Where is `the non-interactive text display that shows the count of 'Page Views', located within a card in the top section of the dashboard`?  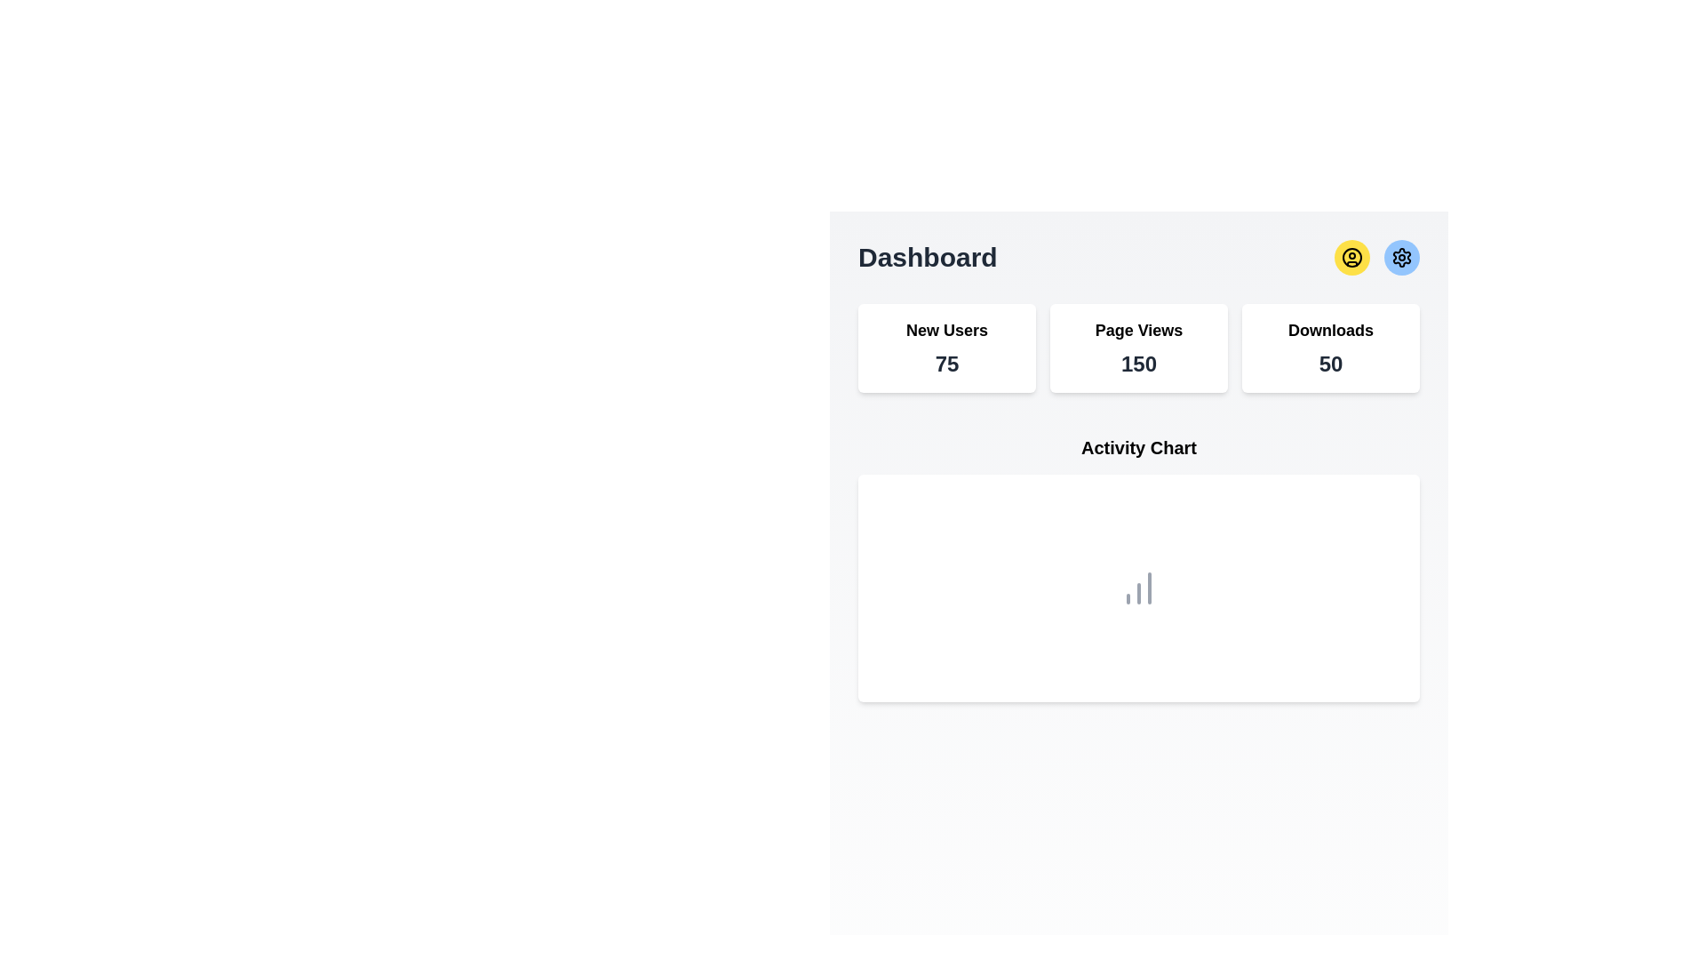
the non-interactive text display that shows the count of 'Page Views', located within a card in the top section of the dashboard is located at coordinates (1138, 363).